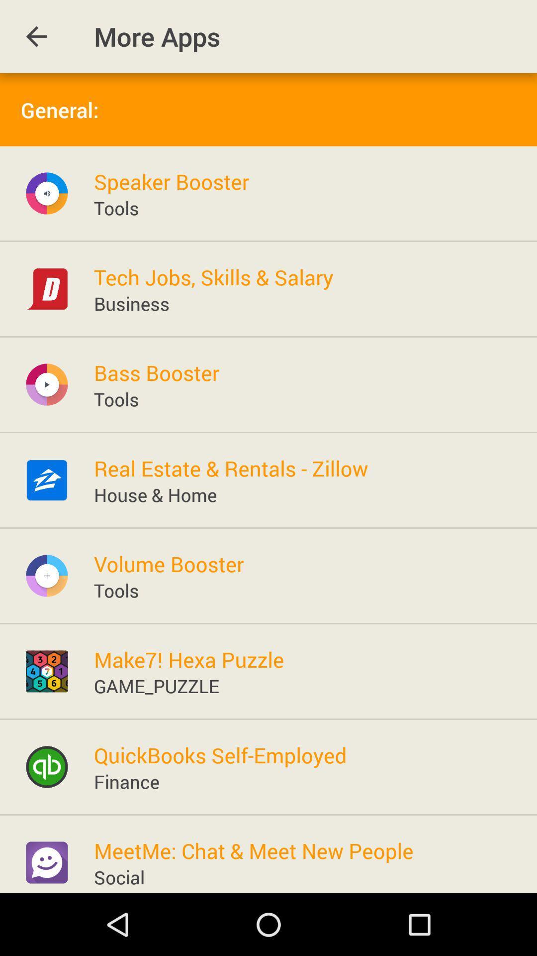 This screenshot has height=956, width=537. I want to click on quickbooks self-employed icon, so click(220, 755).